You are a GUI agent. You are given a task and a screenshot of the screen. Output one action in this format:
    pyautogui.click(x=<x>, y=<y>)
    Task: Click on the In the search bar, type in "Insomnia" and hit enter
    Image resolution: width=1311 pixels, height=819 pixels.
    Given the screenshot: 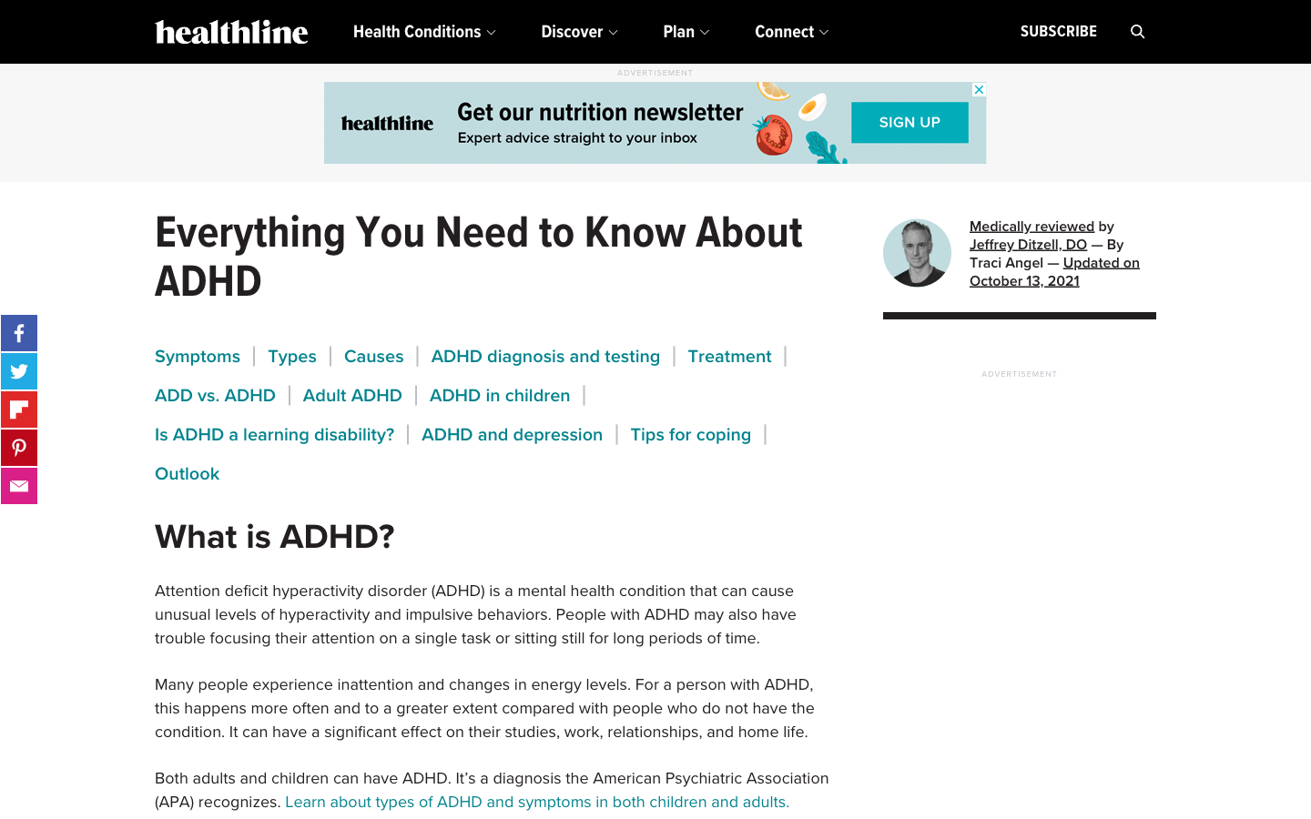 What is the action you would take?
    pyautogui.click(x=1137, y=31)
    